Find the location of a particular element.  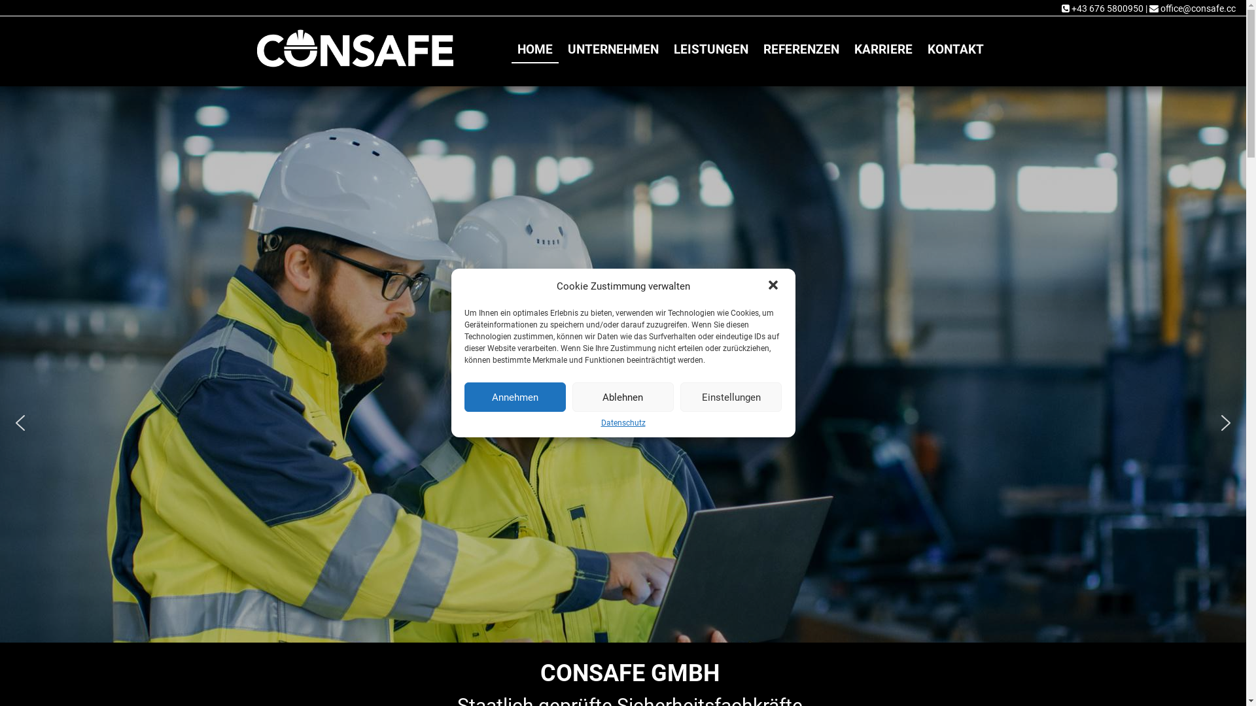

'Ablehnen' is located at coordinates (622, 396).